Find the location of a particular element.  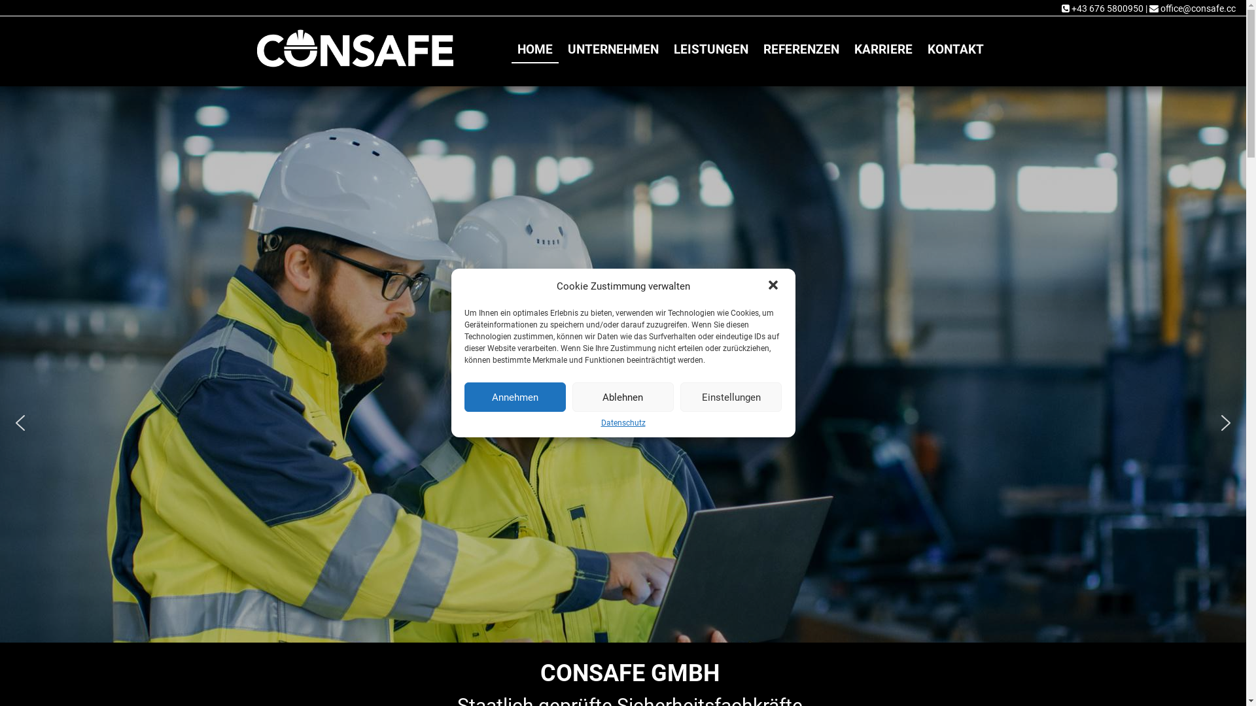

'Ablehnen' is located at coordinates (622, 396).